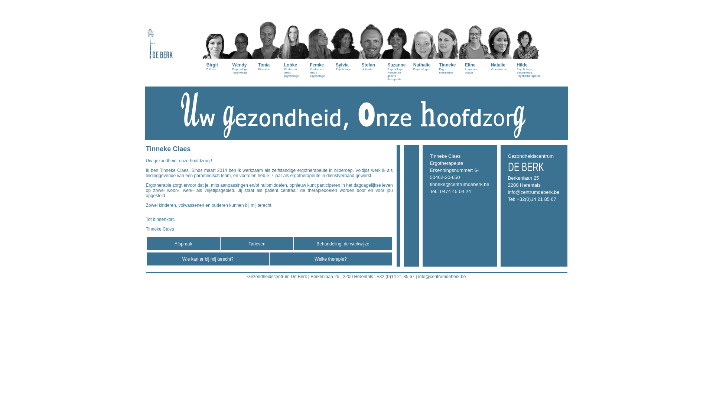  What do you see at coordinates (330, 258) in the screenshot?
I see `'Welke therapie?'` at bounding box center [330, 258].